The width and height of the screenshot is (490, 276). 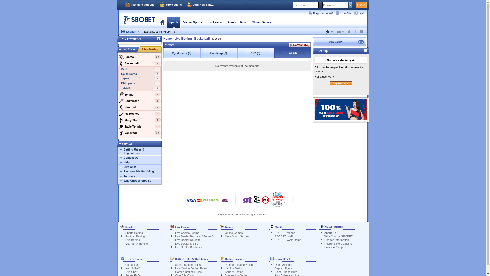 What do you see at coordinates (330, 233) in the screenshot?
I see `'About Us'` at bounding box center [330, 233].